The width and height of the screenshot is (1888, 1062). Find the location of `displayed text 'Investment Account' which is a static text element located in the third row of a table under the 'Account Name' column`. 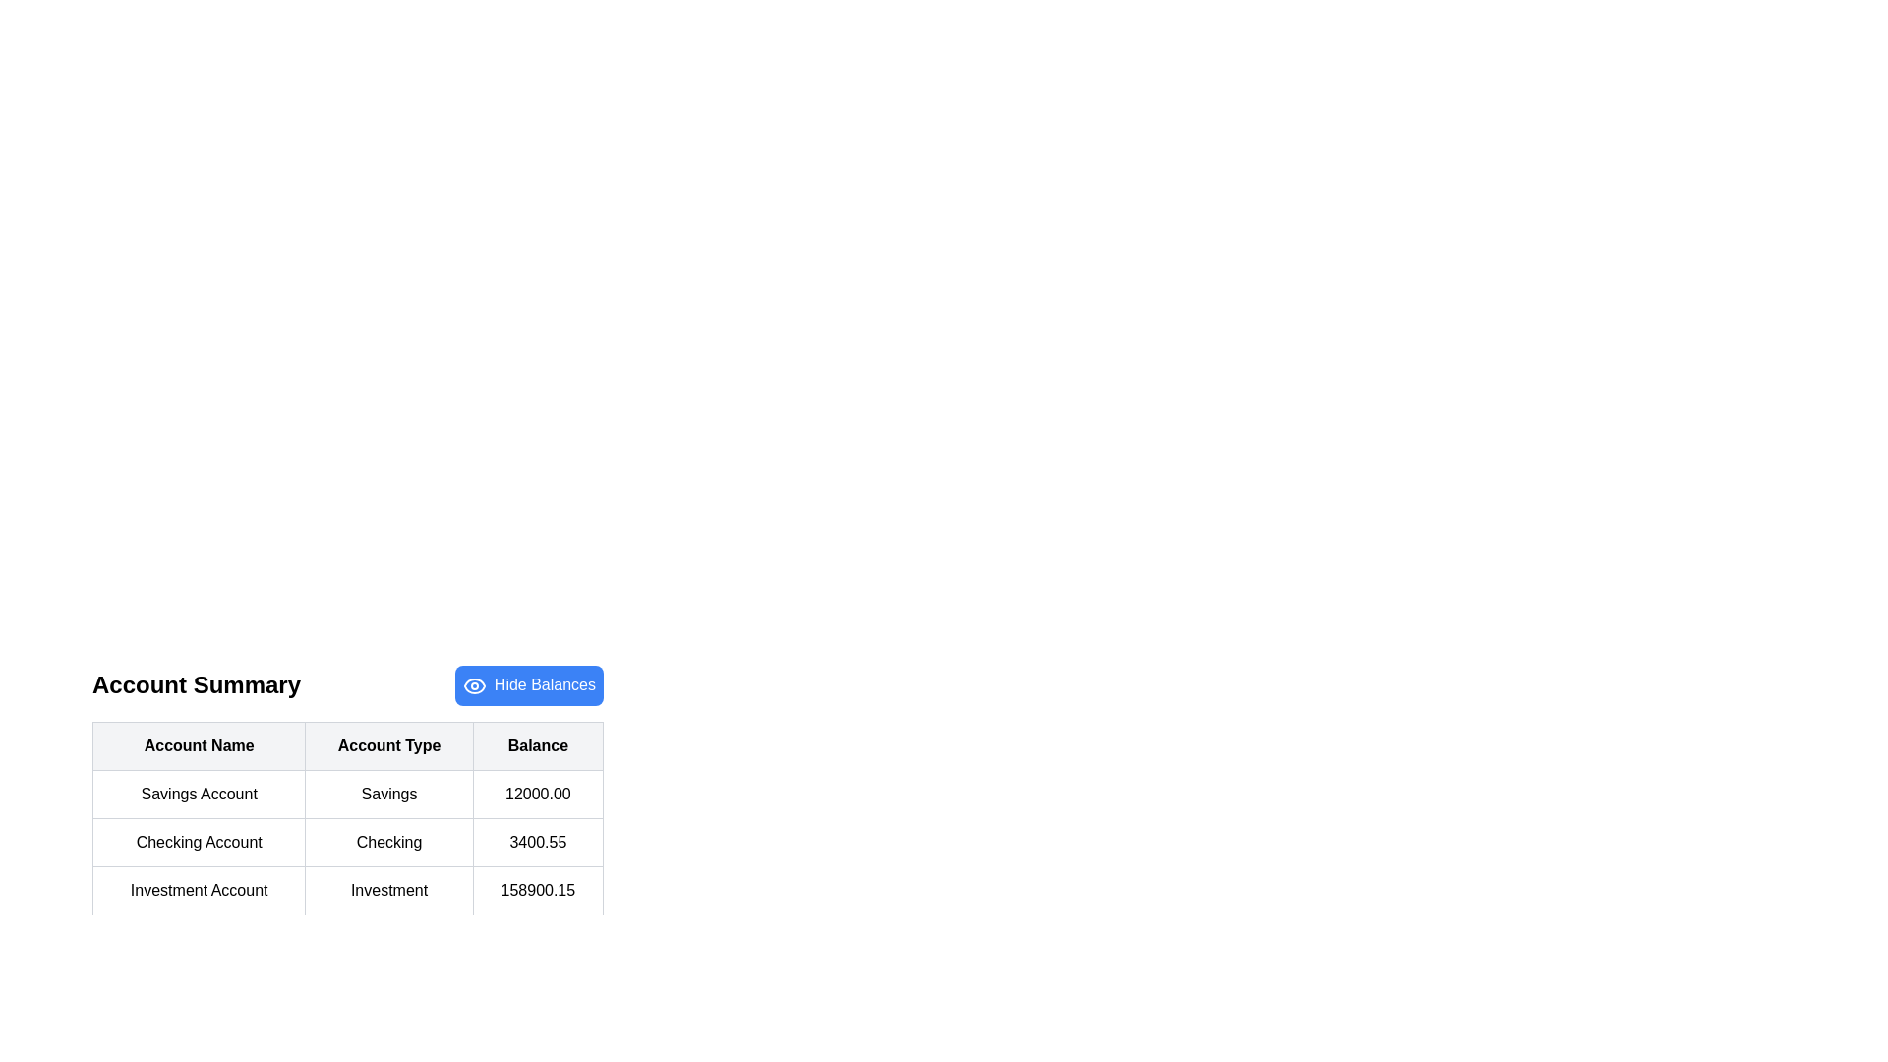

displayed text 'Investment Account' which is a static text element located in the third row of a table under the 'Account Name' column is located at coordinates (199, 890).